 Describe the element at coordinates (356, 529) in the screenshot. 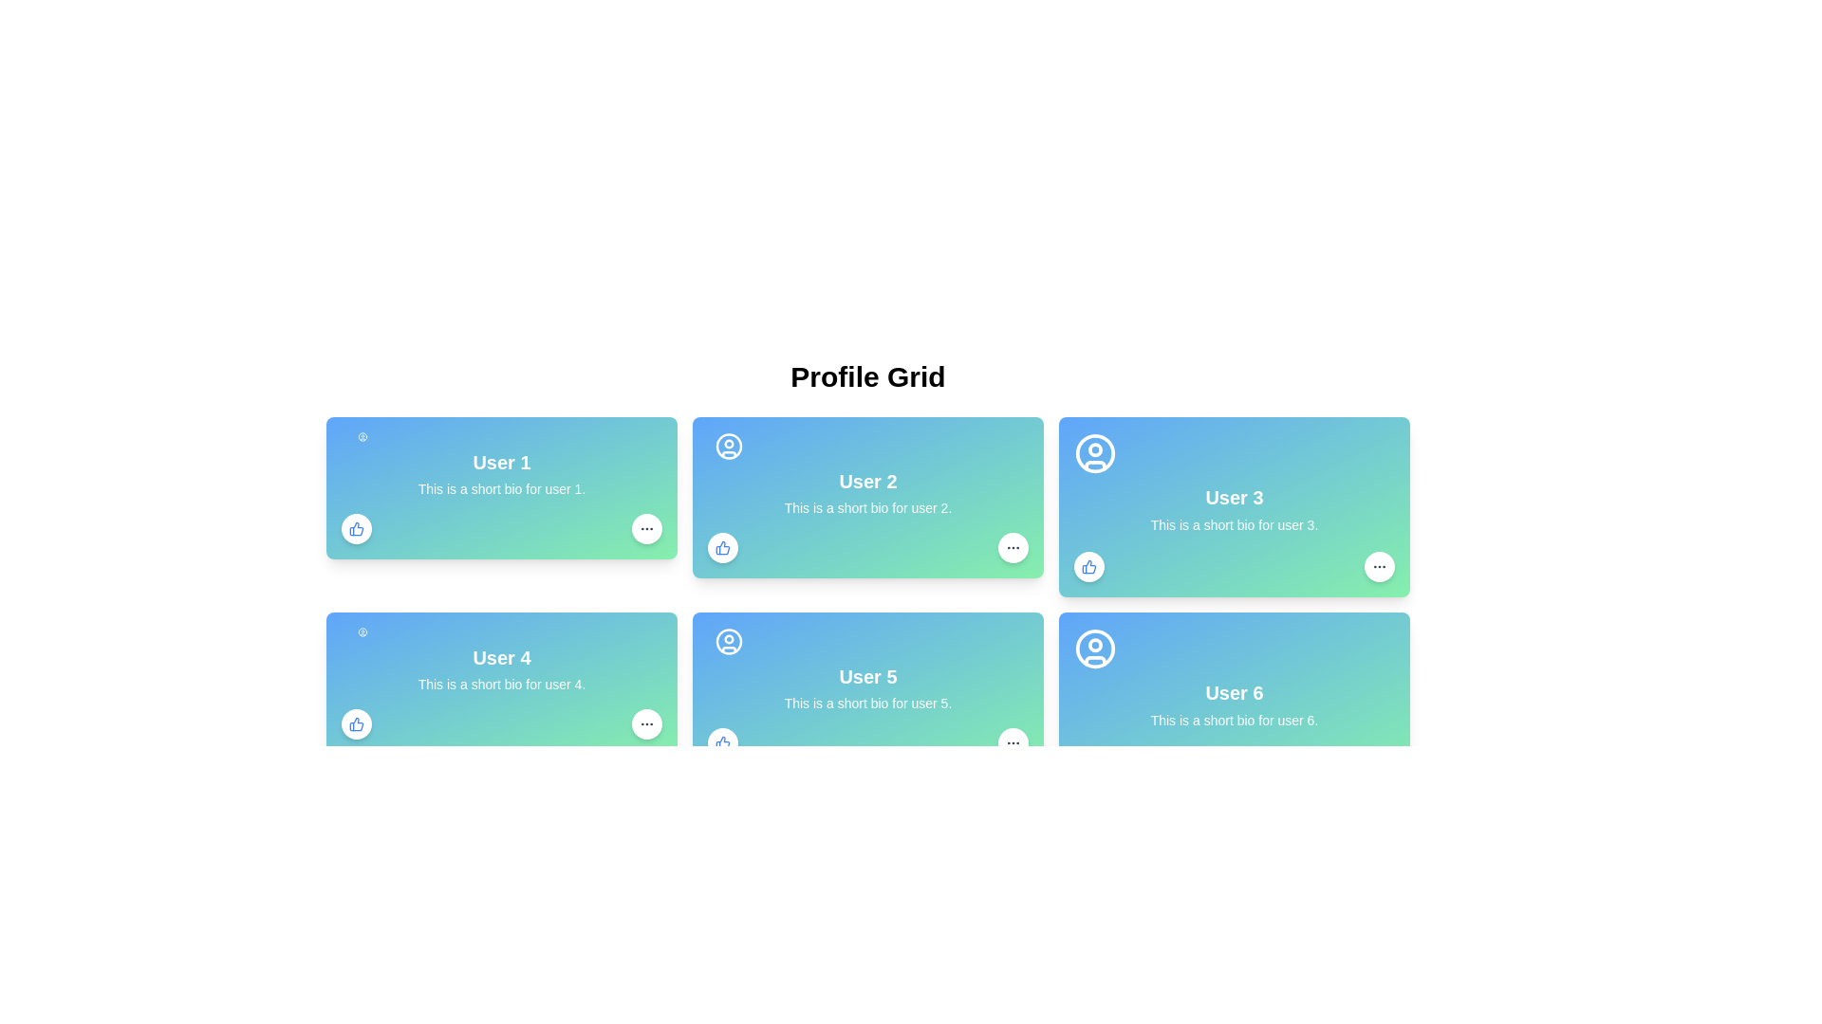

I see `the thumbs-up icon representing a 'like' action, located in the bottom-left corner of 'User 2' card` at that location.